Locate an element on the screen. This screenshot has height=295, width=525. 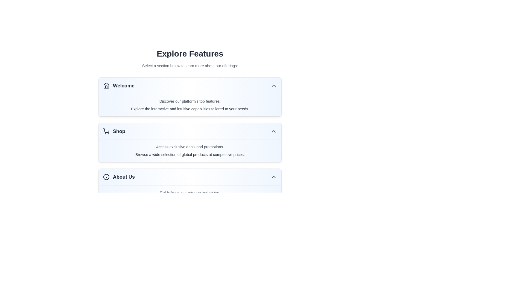
text 'Browse a wide selection of global products at competitive prices.' located in the 'Shop' section, positioned below the text 'Access exclusive deals and promotions.' is located at coordinates (190, 155).